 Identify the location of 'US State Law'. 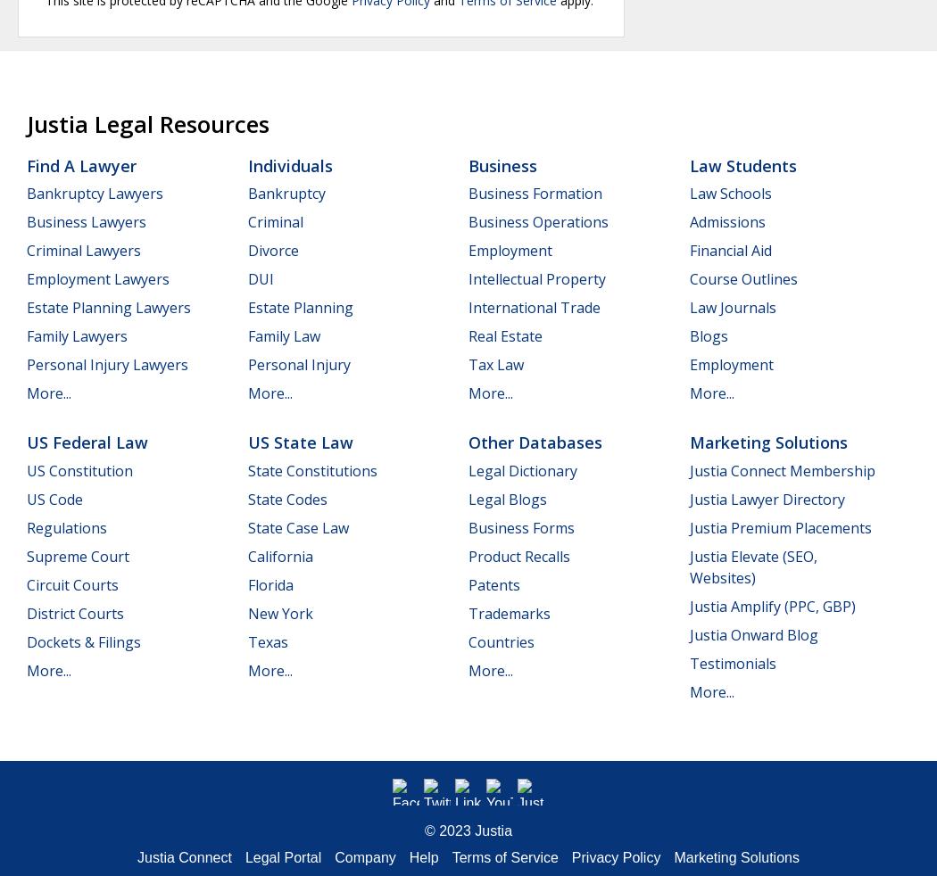
(300, 442).